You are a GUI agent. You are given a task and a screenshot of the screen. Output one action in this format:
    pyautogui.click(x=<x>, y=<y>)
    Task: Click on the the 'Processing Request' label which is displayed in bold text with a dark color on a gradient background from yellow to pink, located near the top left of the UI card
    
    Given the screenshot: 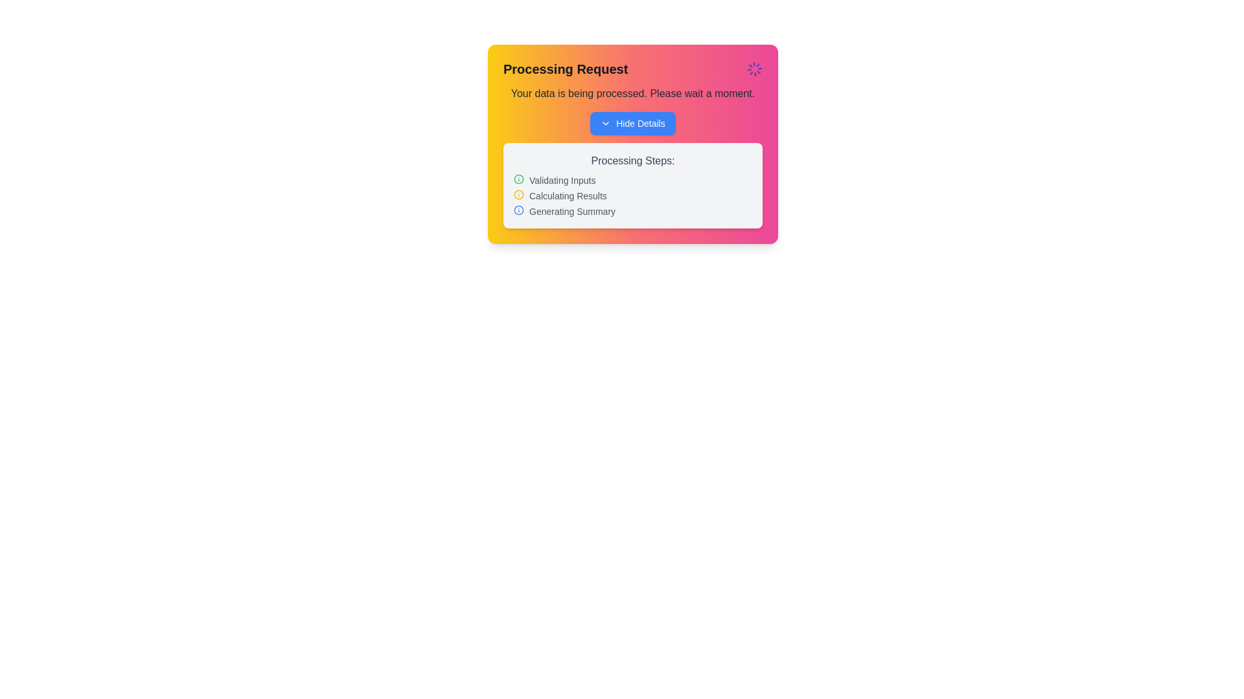 What is the action you would take?
    pyautogui.click(x=566, y=69)
    